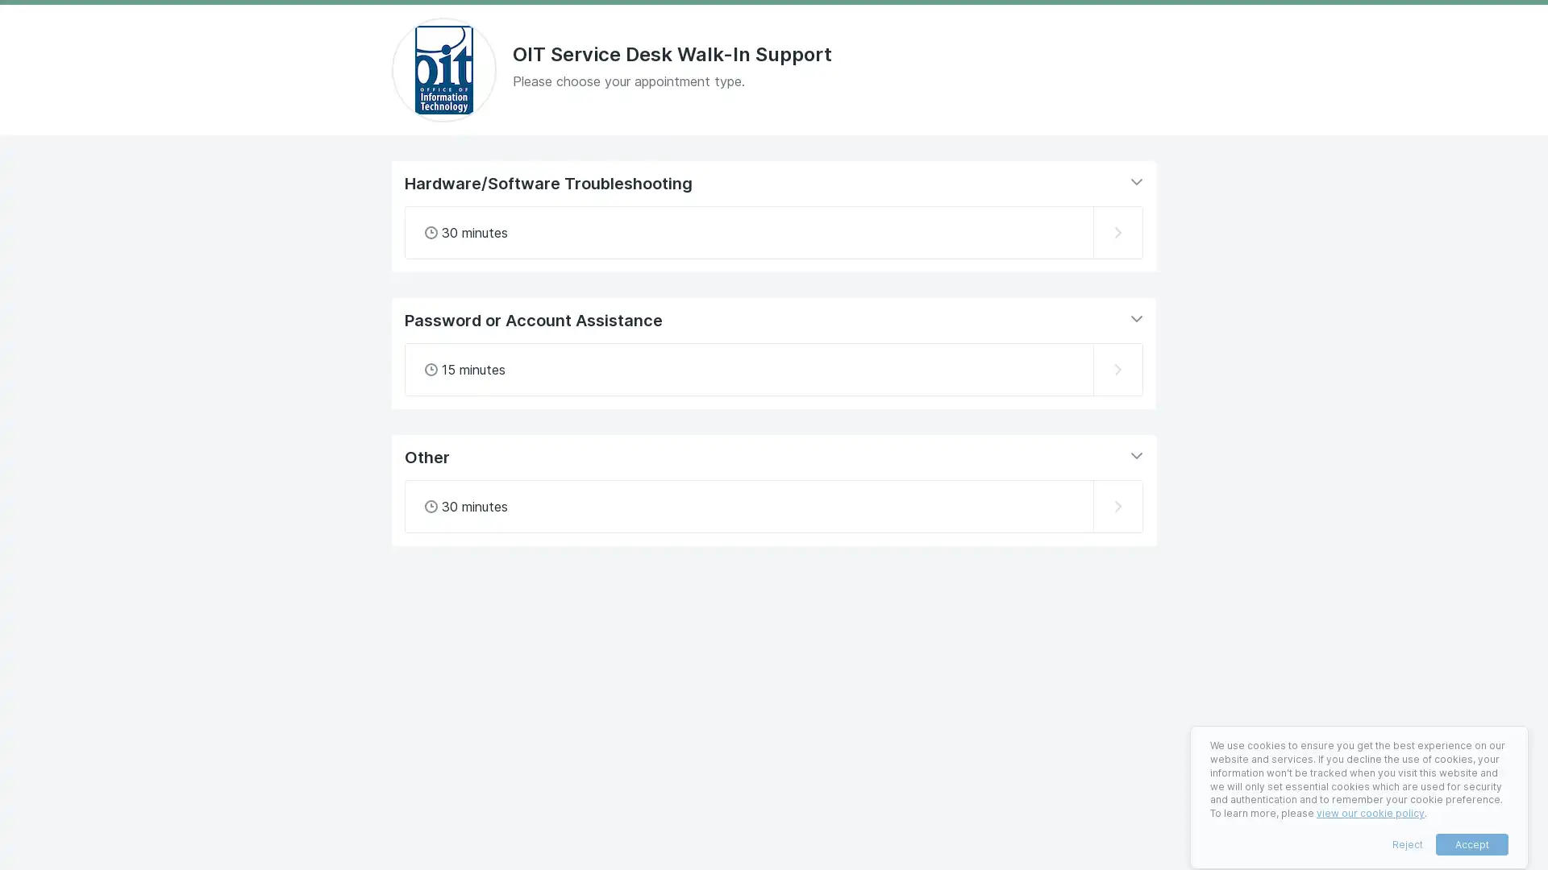  Describe the element at coordinates (774, 370) in the screenshot. I see `Select Password or Account Assistance` at that location.